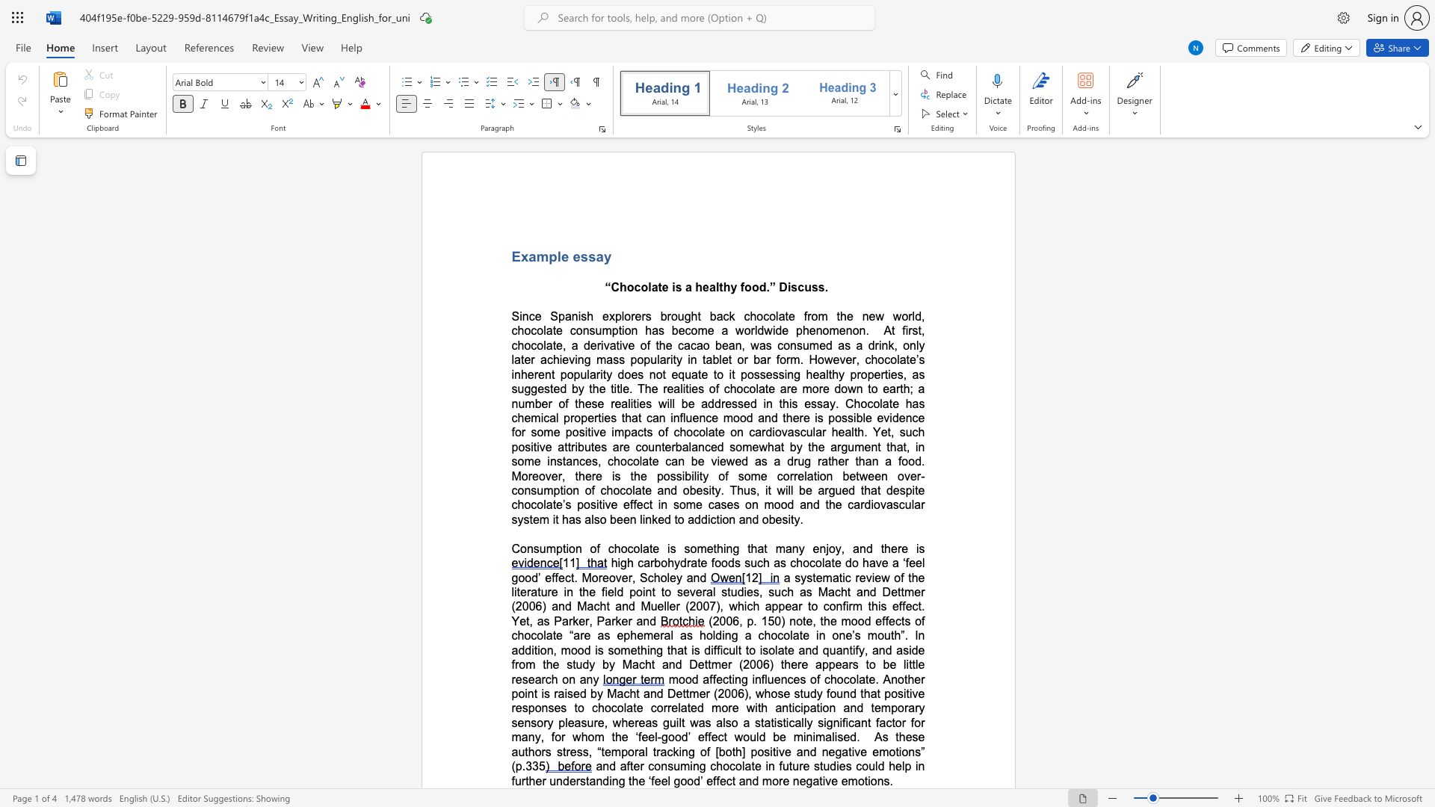 The image size is (1435, 807). What do you see at coordinates (645, 315) in the screenshot?
I see `the subset text "s brought back chocolate from the new world, chocolate consumption has become a worldwide pheno" within the text "Since Spanish explorers brought back chocolate from the new world, chocolate consumption has become a worldwide phenomenon"` at bounding box center [645, 315].